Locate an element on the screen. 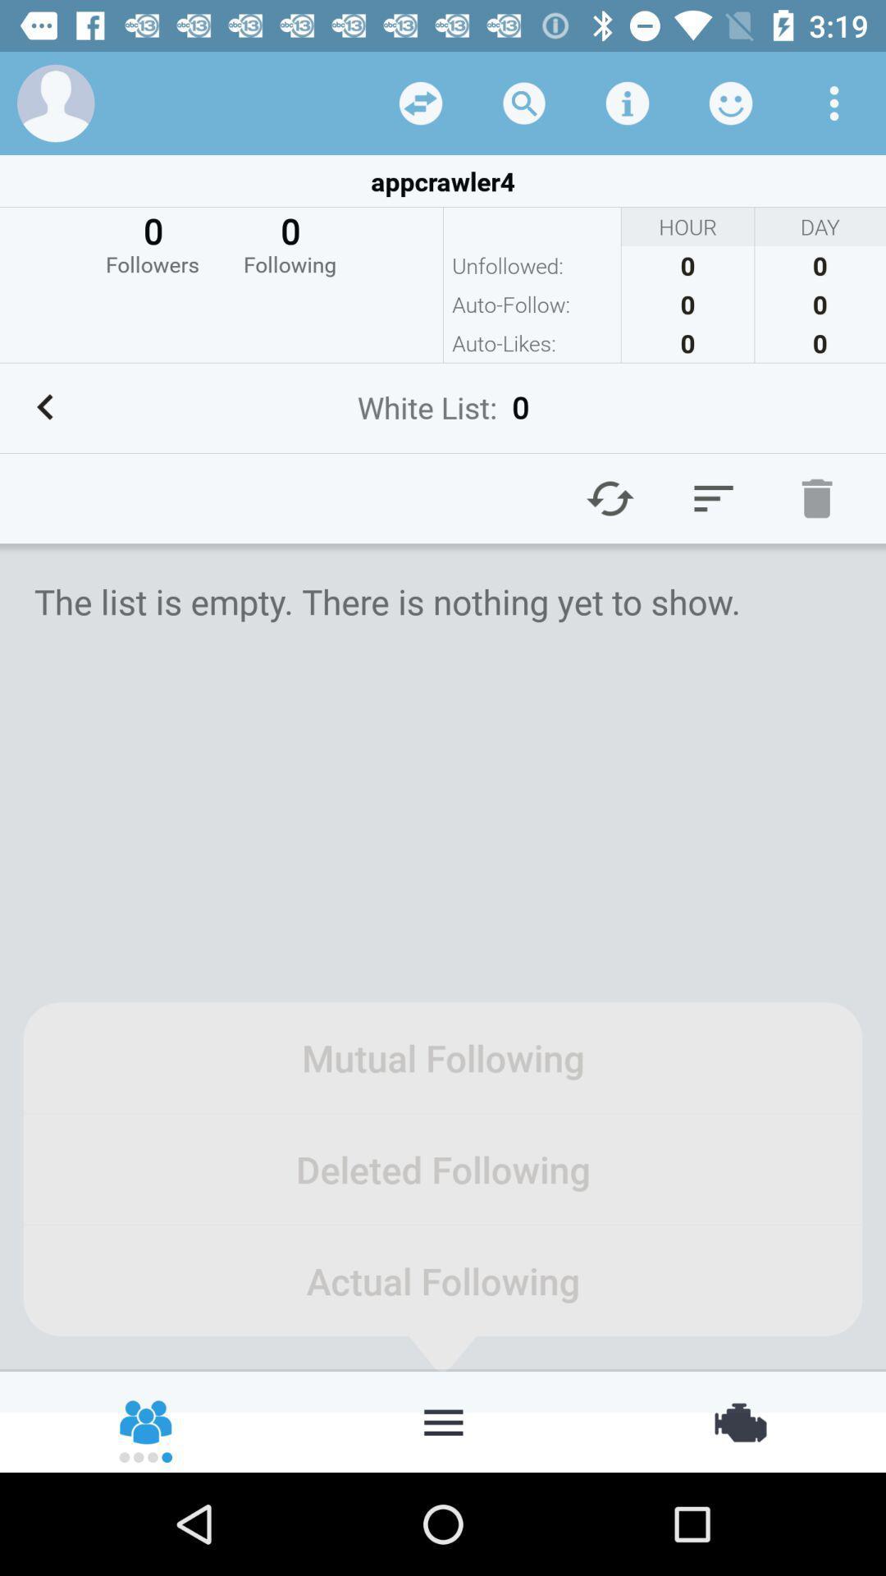 This screenshot has height=1576, width=886. profile icon is located at coordinates (55, 102).